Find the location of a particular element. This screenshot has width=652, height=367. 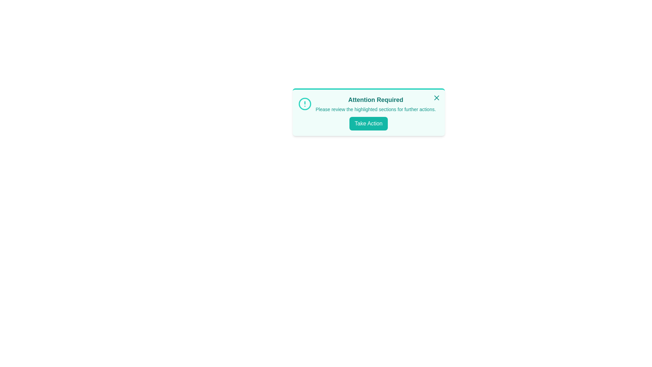

'Take Action' button to trigger the main action is located at coordinates (368, 123).